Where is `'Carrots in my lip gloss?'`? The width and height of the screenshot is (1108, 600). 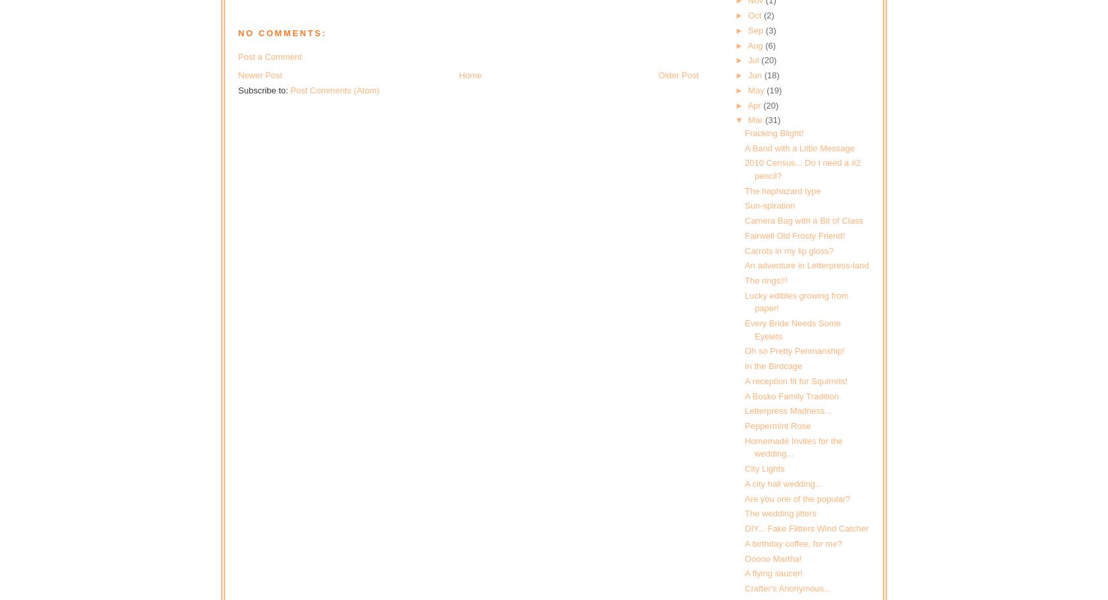
'Carrots in my lip gloss?' is located at coordinates (744, 250).